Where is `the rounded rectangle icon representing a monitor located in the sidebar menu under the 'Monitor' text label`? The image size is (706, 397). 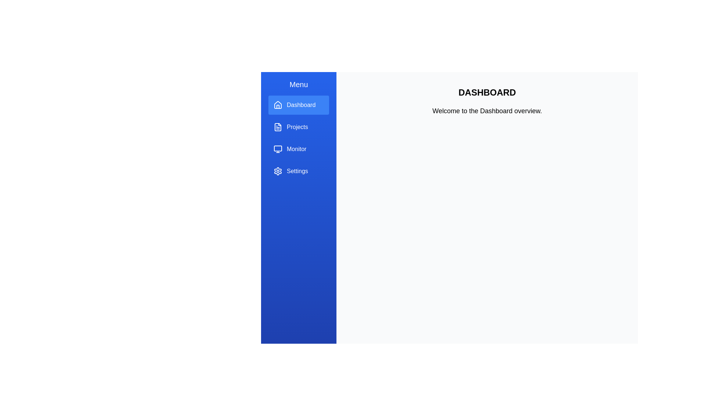
the rounded rectangle icon representing a monitor located in the sidebar menu under the 'Monitor' text label is located at coordinates (277, 149).